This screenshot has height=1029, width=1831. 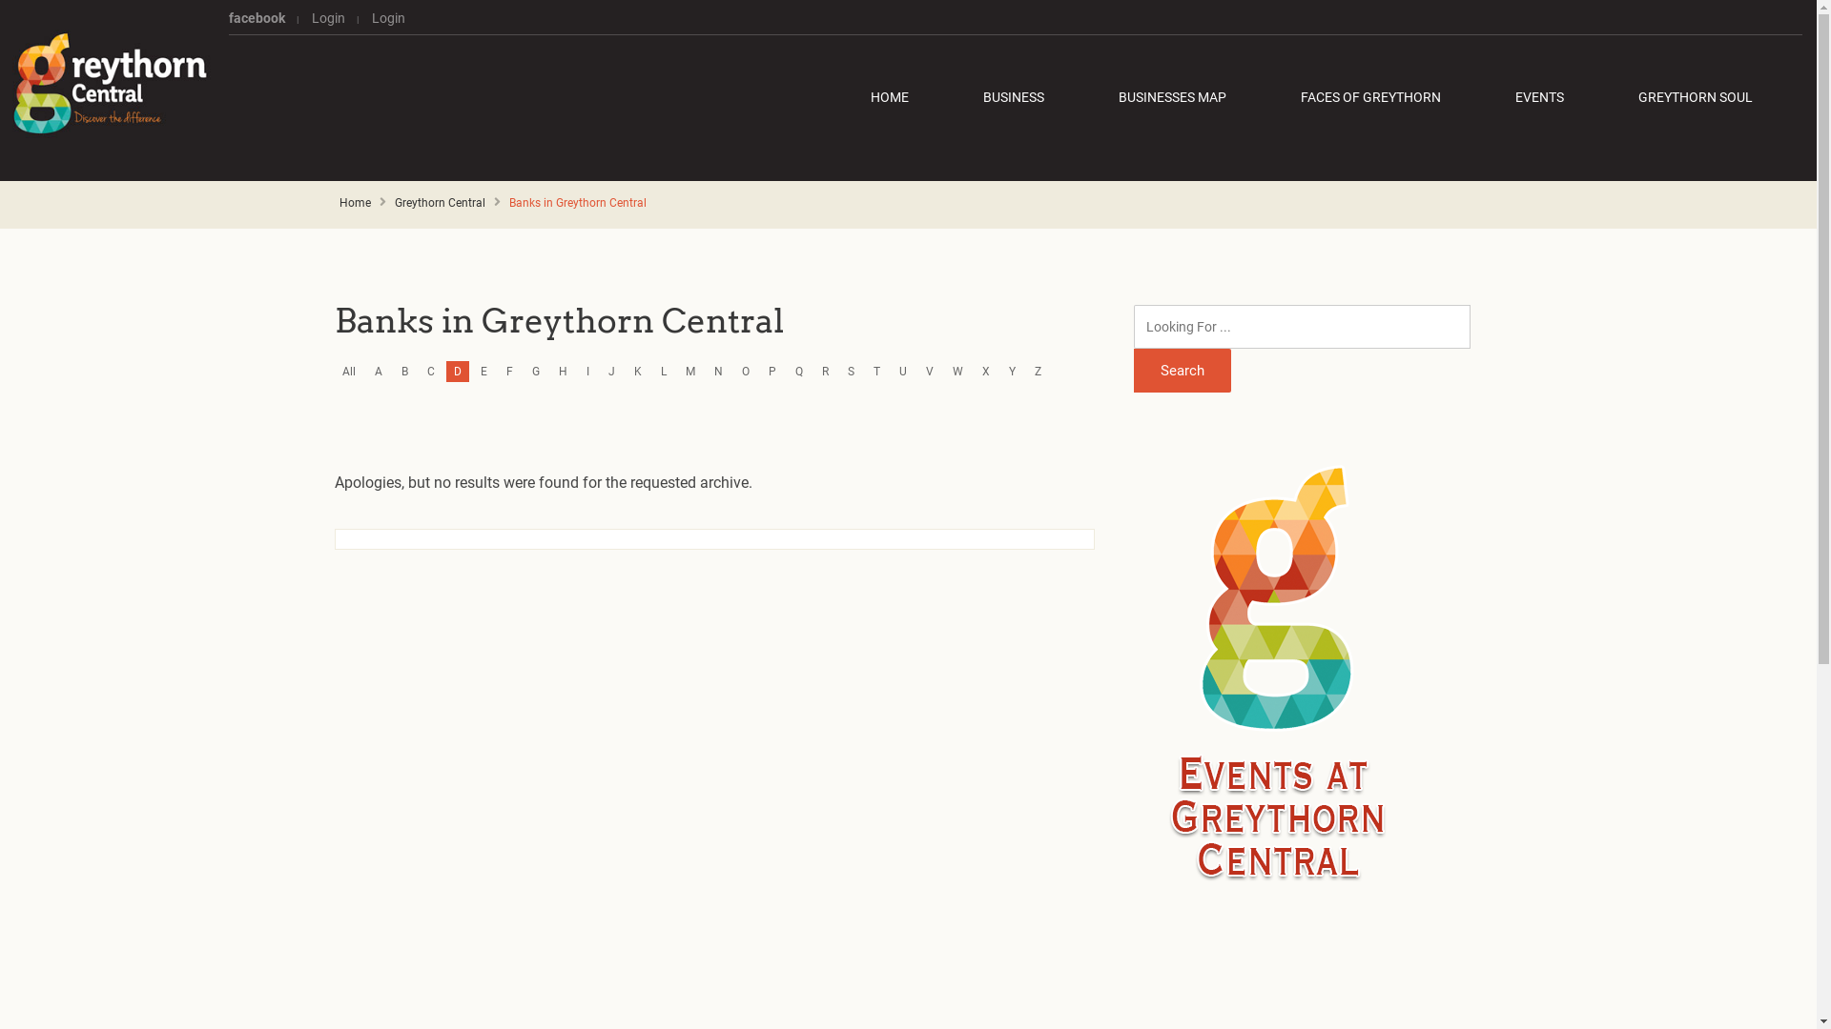 What do you see at coordinates (429, 371) in the screenshot?
I see `'C'` at bounding box center [429, 371].